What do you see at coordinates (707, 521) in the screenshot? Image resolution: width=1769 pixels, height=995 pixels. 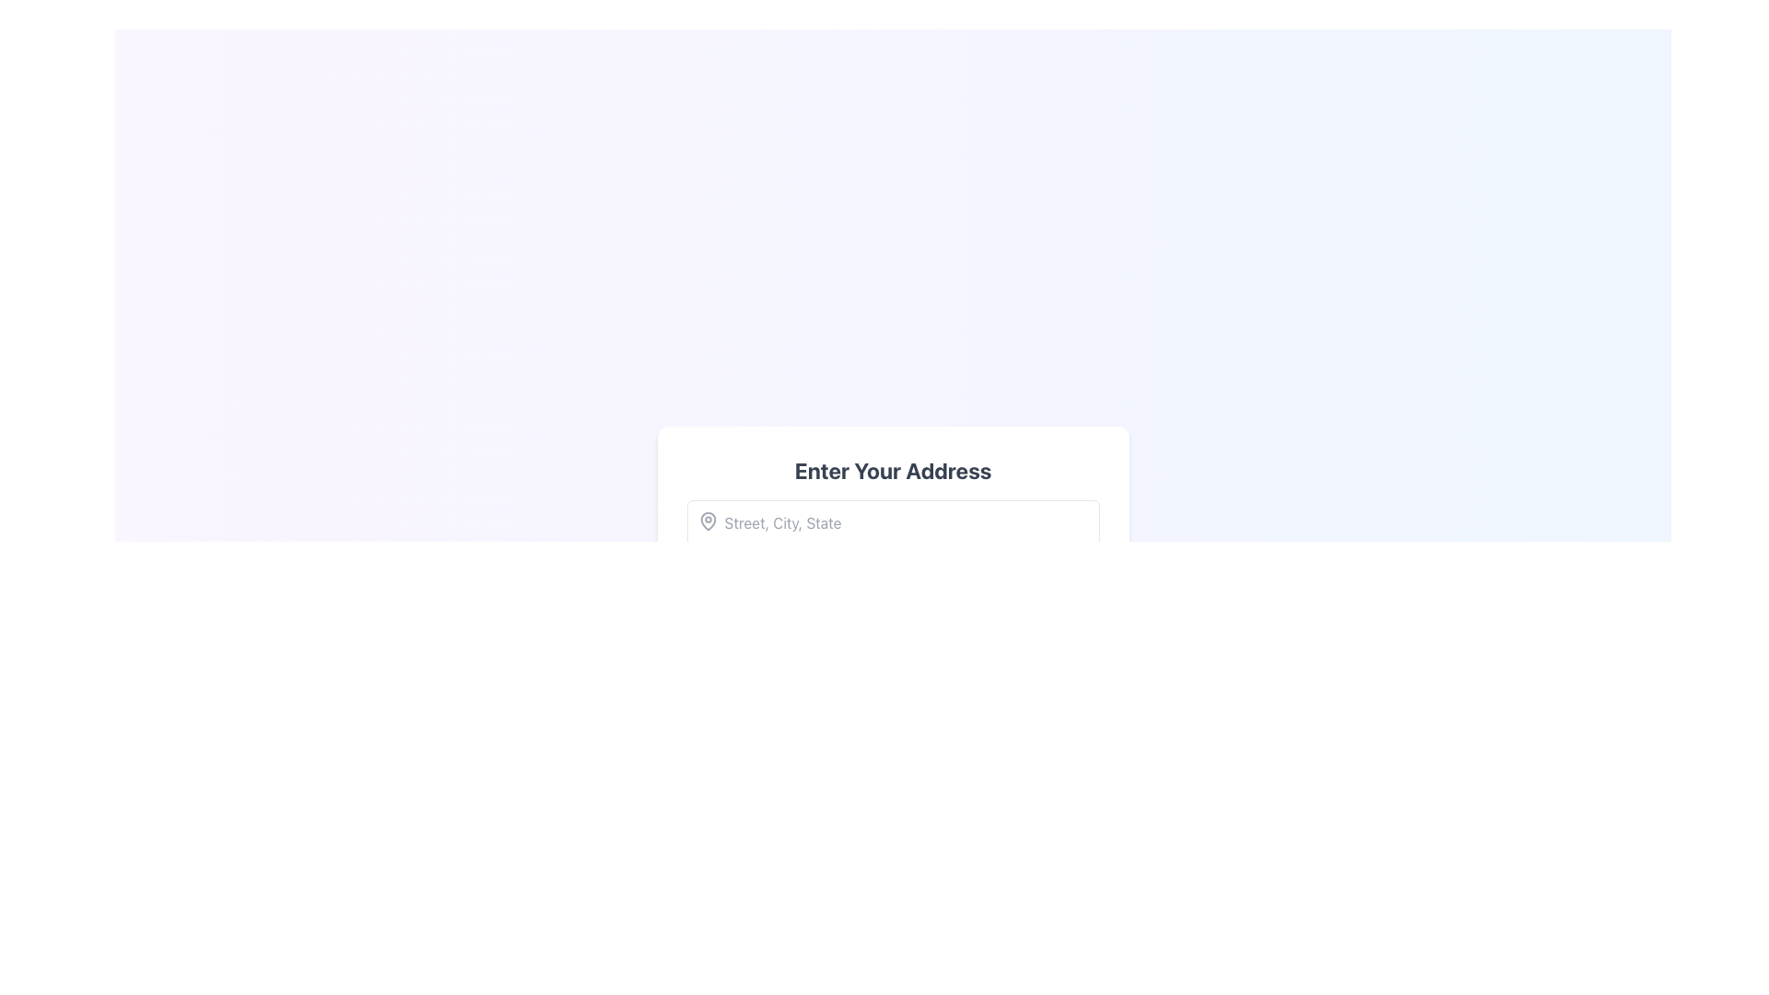 I see `the map pin icon located at the top-left corner of the text input field, which is styled with a simple outline and a rounded shape associated with location markers` at bounding box center [707, 521].